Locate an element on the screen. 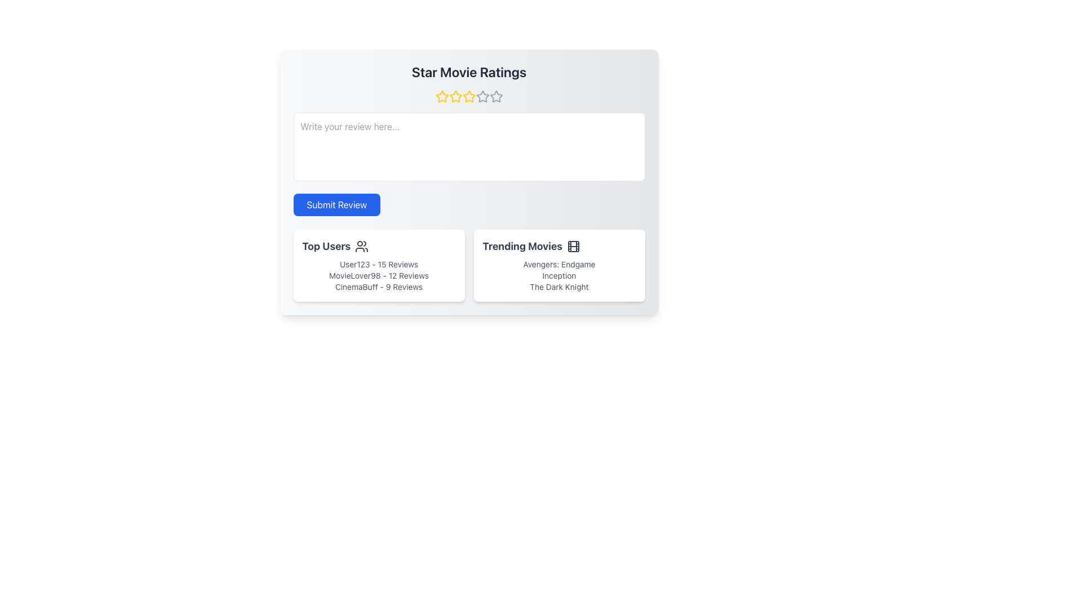 This screenshot has height=608, width=1082. the decorative film frame icon located centrally in the 'Trending Movies' section of the layout is located at coordinates (573, 246).